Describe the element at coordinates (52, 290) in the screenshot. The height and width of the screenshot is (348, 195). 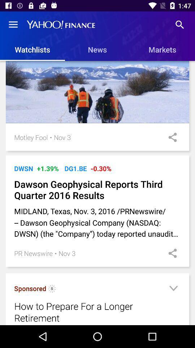
I see `the icon above the how to prepare icon` at that location.